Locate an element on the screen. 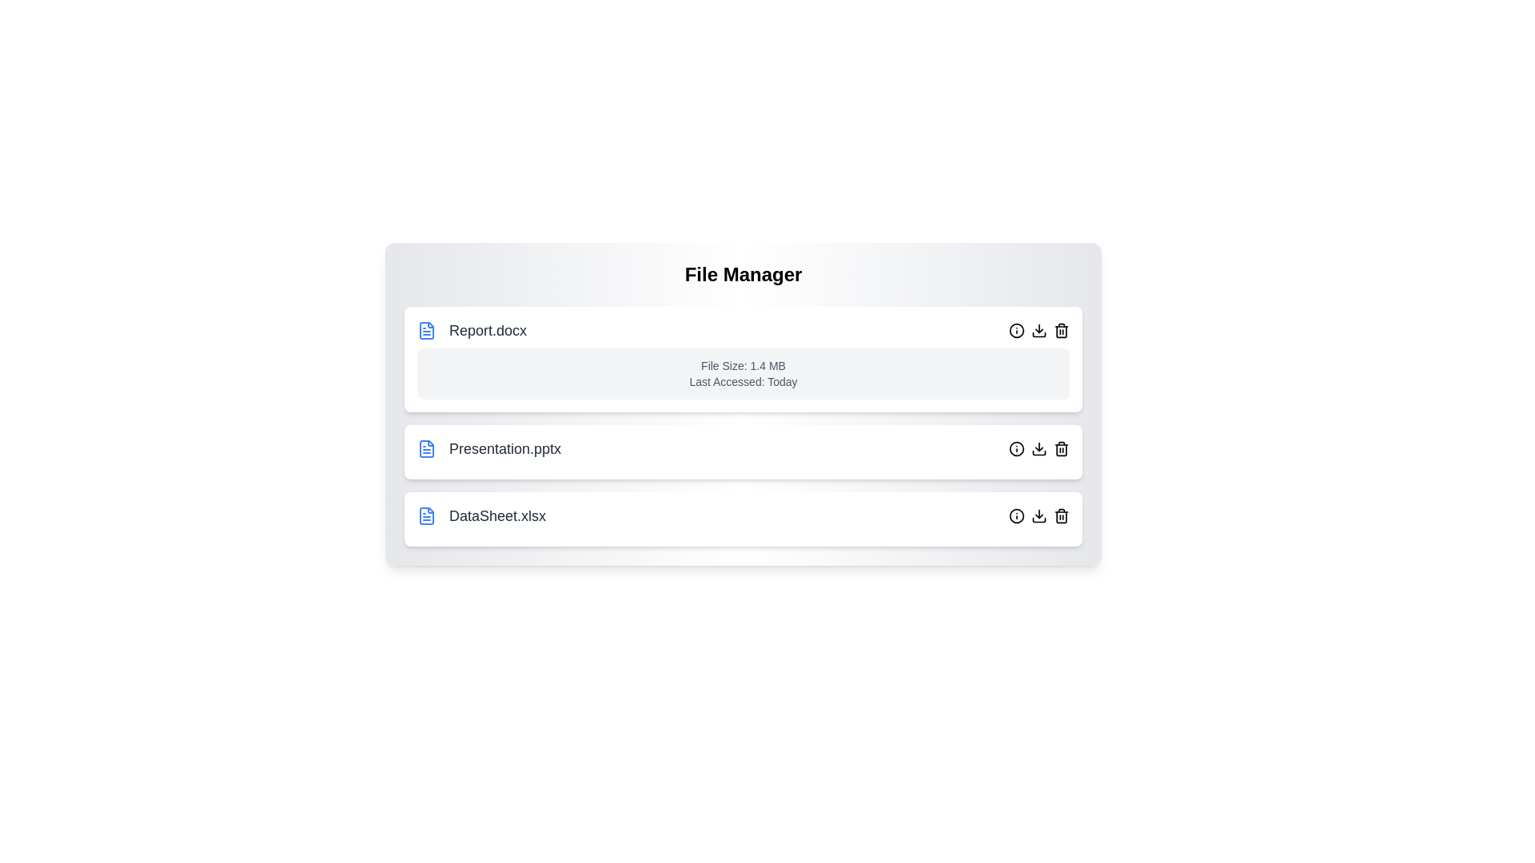  the download button for the file Report.docx is located at coordinates (1039, 329).